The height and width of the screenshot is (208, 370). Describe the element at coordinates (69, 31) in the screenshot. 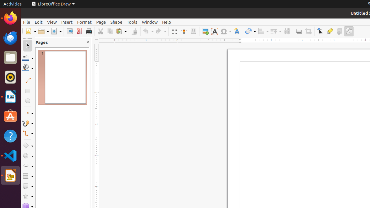

I see `'Export'` at that location.